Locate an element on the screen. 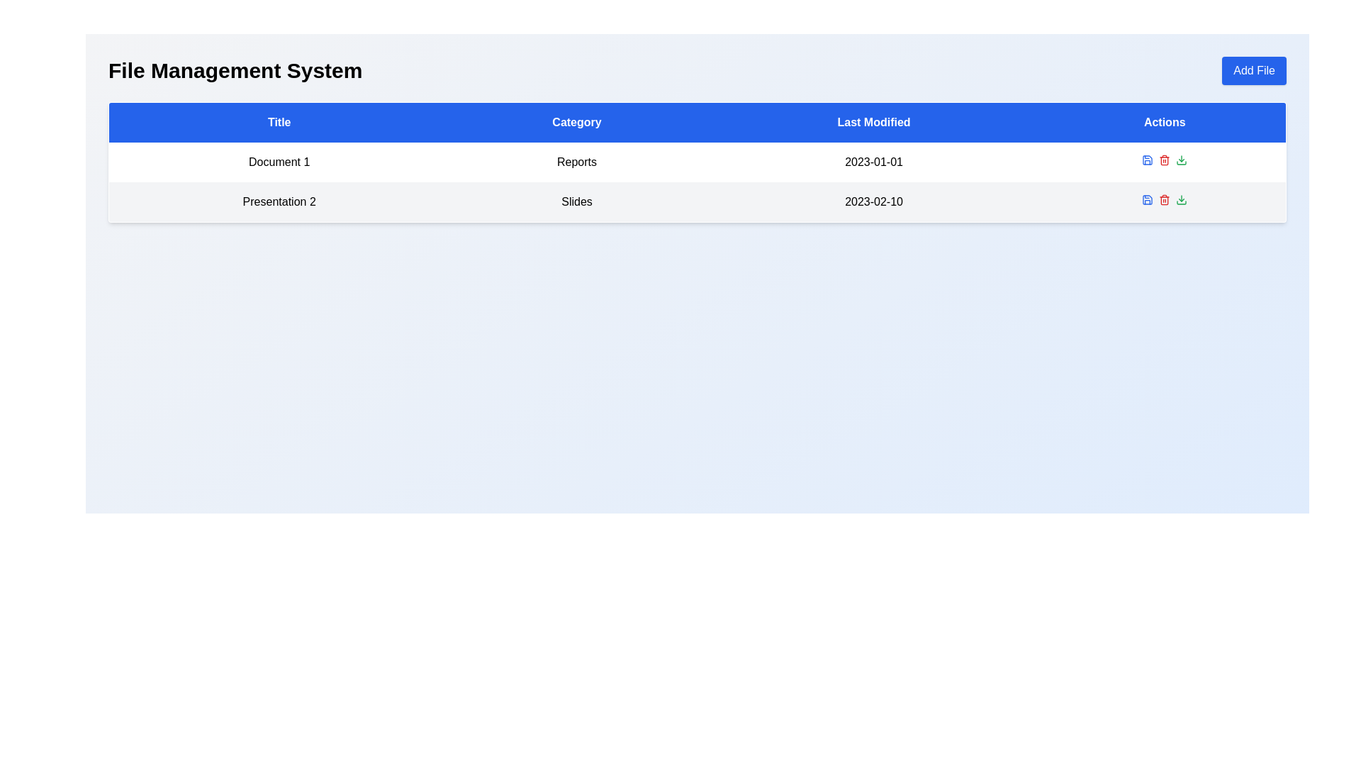 This screenshot has width=1361, height=766. the bold text label reading 'Category' which is prominently displayed on a blue background, positioned as the second column header in a four-column layout is located at coordinates (577, 121).